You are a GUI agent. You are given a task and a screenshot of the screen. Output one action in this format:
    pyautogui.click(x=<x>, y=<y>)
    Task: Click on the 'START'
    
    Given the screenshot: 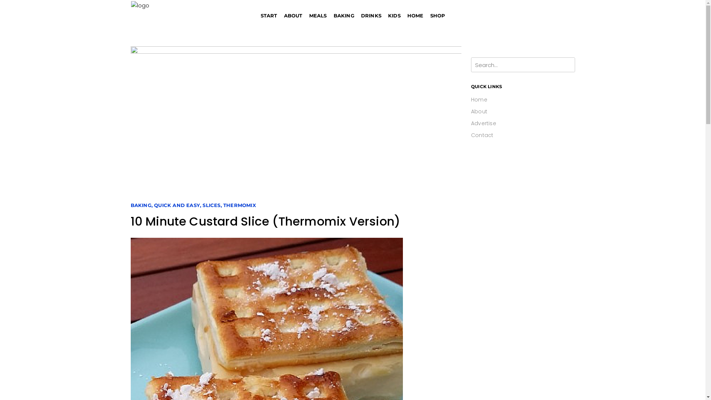 What is the action you would take?
    pyautogui.click(x=268, y=16)
    